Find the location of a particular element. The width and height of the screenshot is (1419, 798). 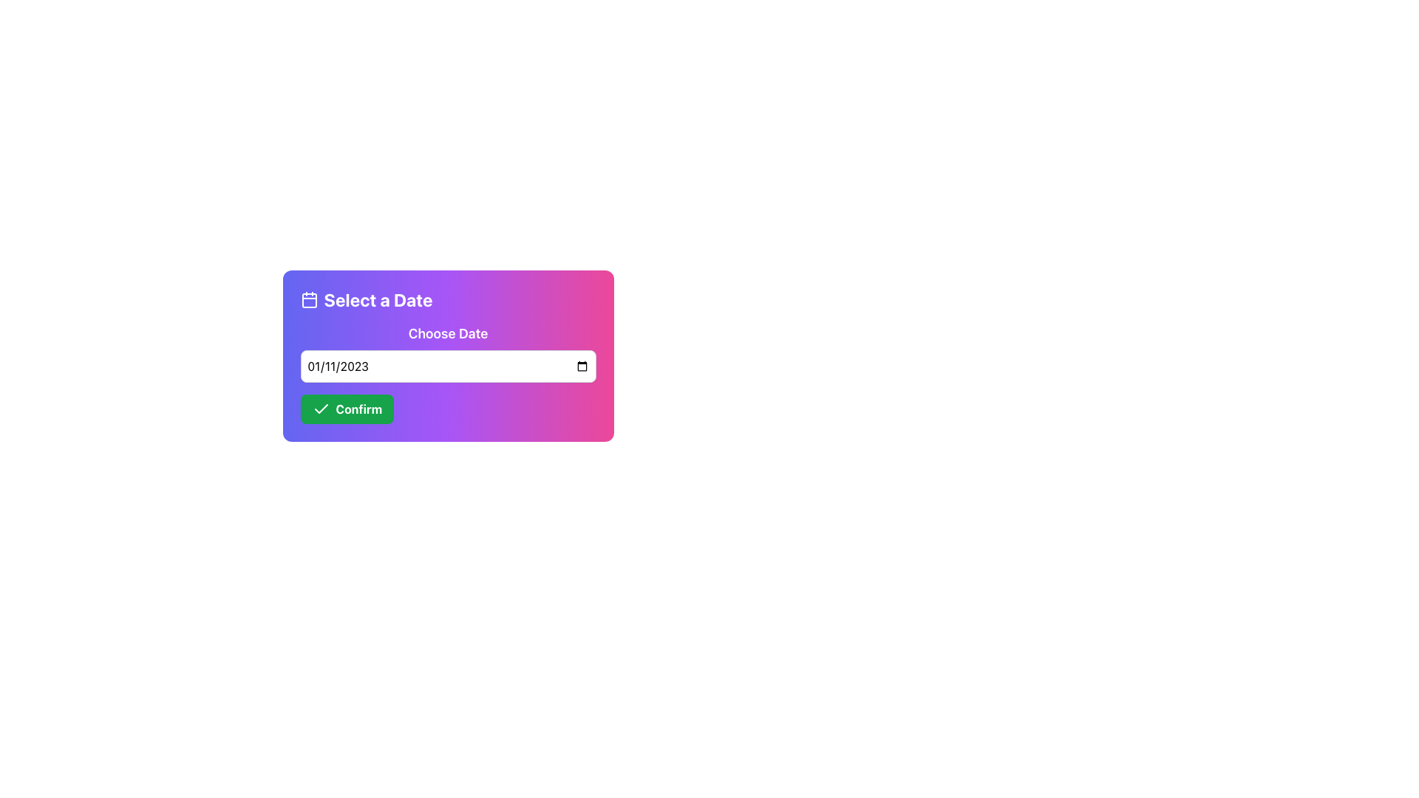

the Date input field located below the 'Choose Date' label and above the 'Confirm' button in the purple gradient box is located at coordinates (447, 366).